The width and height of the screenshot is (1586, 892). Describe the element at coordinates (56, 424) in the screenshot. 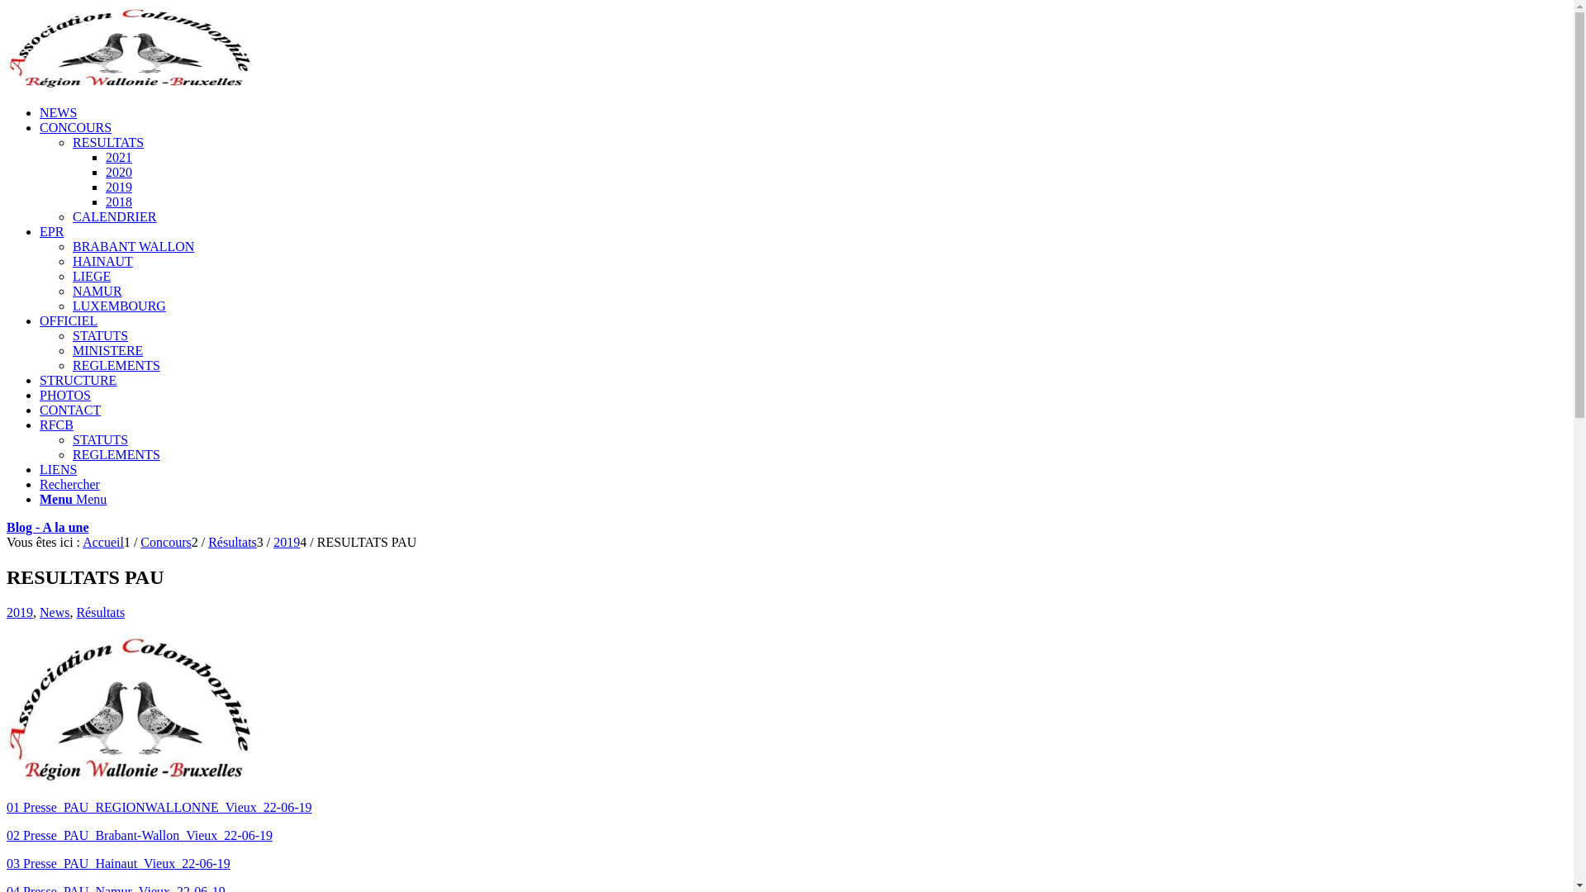

I see `'RFCB'` at that location.